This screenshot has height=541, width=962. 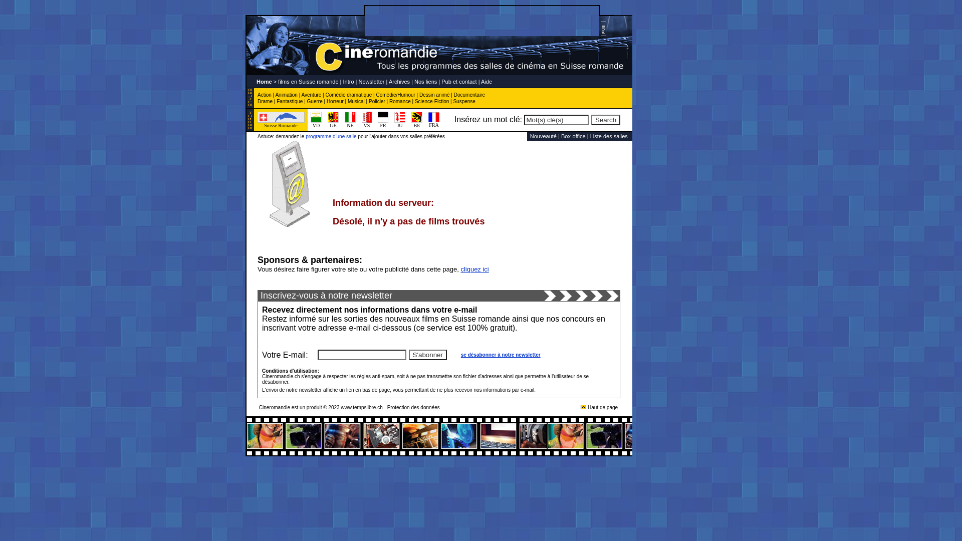 I want to click on 'Search', so click(x=605, y=119).